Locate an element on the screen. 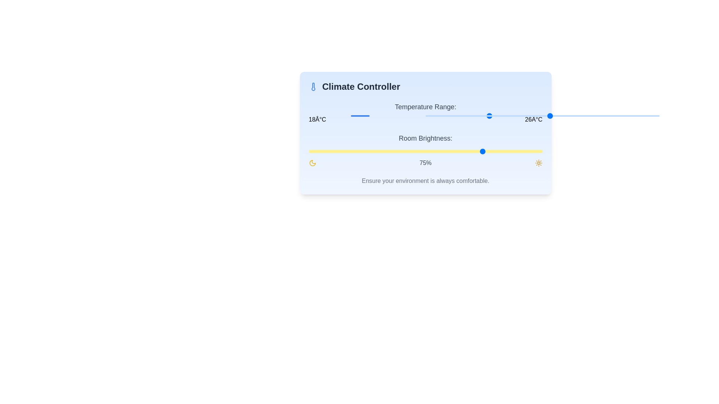 This screenshot has height=404, width=719. the room brightness is located at coordinates (519, 151).